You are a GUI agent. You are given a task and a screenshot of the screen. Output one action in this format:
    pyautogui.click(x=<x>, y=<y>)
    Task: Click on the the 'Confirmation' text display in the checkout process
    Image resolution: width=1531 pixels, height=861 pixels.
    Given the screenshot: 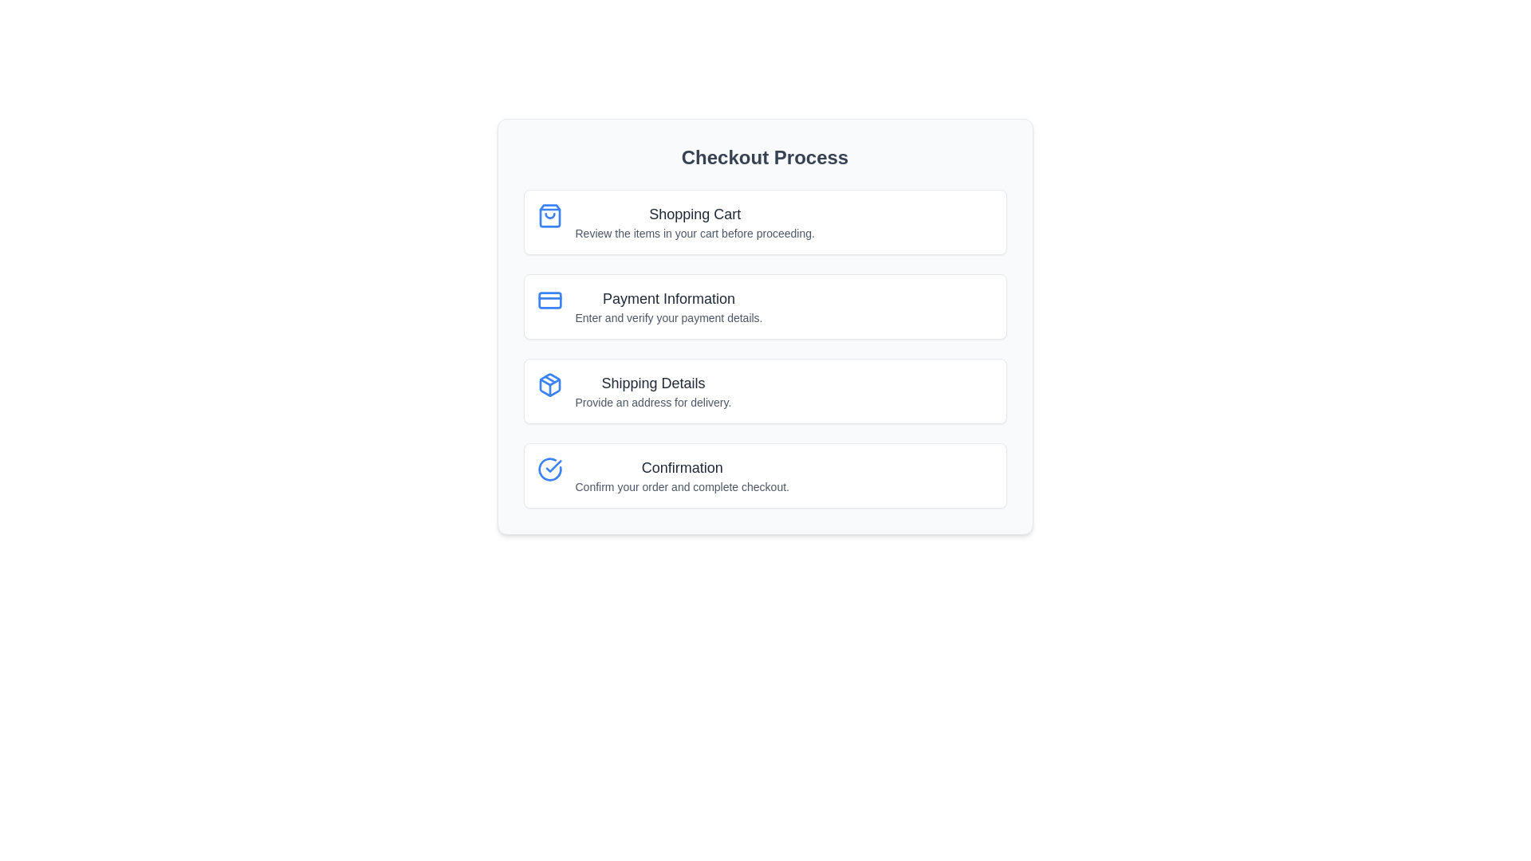 What is the action you would take?
    pyautogui.click(x=682, y=475)
    